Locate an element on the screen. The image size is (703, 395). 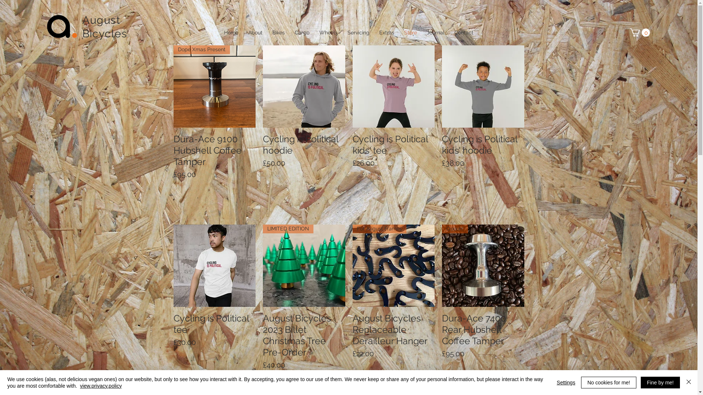
'Contact' is located at coordinates (464, 32).